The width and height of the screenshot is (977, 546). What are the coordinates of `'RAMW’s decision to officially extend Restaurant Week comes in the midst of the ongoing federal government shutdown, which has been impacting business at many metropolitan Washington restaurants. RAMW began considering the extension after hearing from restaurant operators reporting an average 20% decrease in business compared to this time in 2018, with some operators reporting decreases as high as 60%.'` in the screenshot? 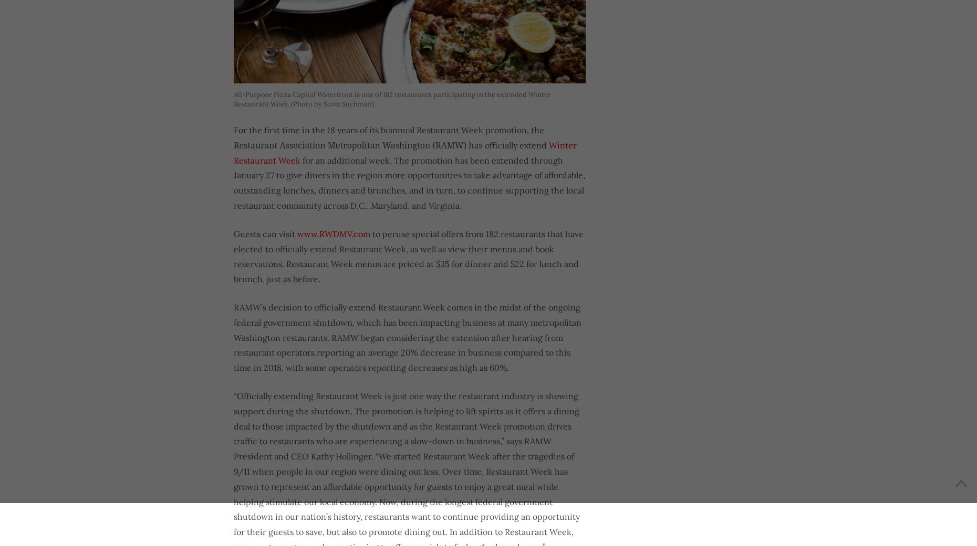 It's located at (407, 337).